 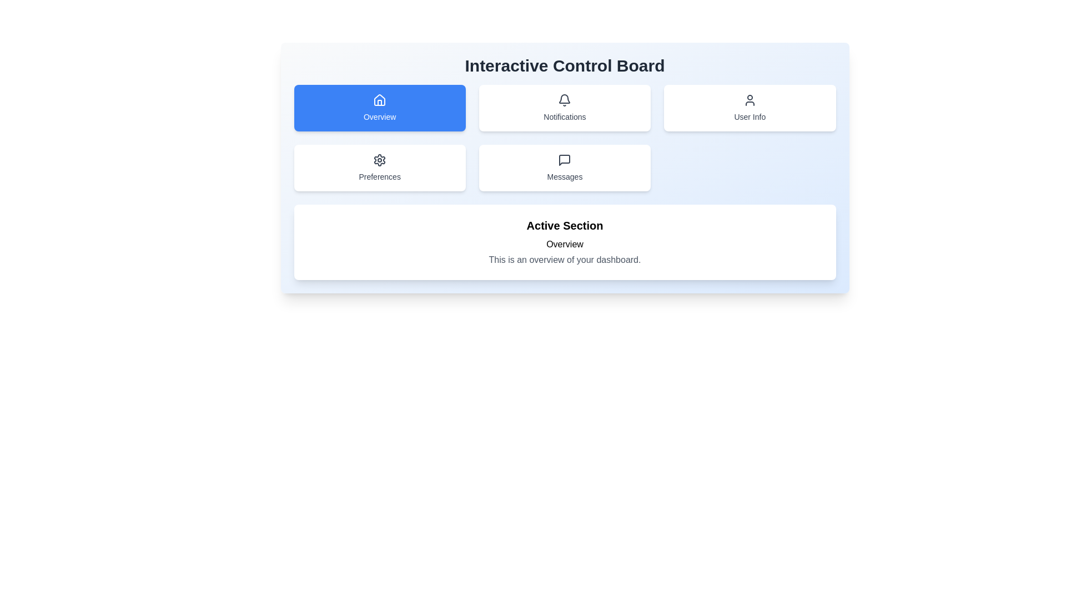 What do you see at coordinates (565, 168) in the screenshot?
I see `the button located on the right side of the second row in the grid layout, just below the 'Notifications' button, to trigger a visual change` at bounding box center [565, 168].